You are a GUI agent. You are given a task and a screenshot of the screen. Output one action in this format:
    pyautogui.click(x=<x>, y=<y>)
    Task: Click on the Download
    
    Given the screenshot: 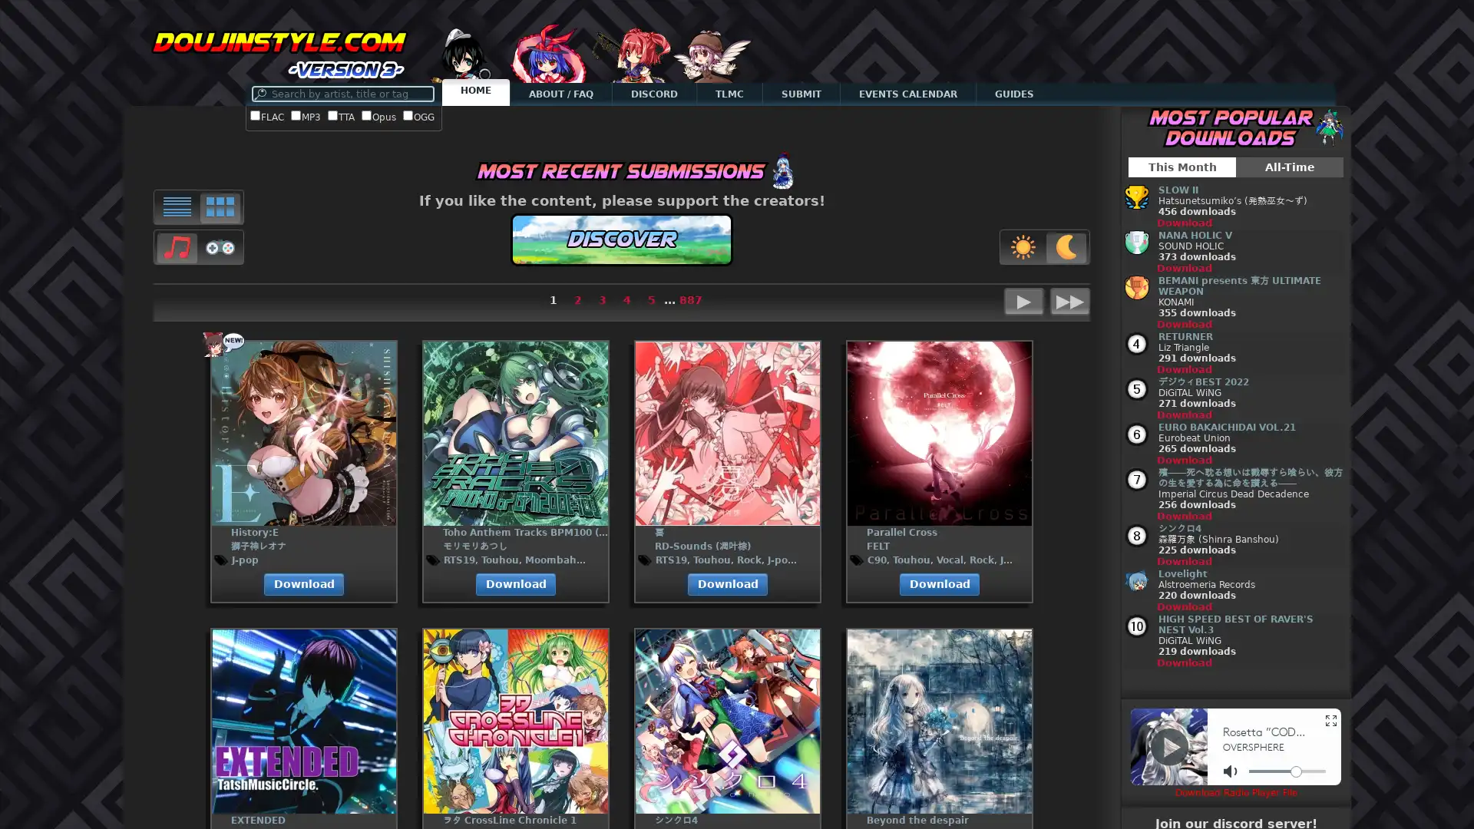 What is the action you would take?
    pyautogui.click(x=303, y=583)
    